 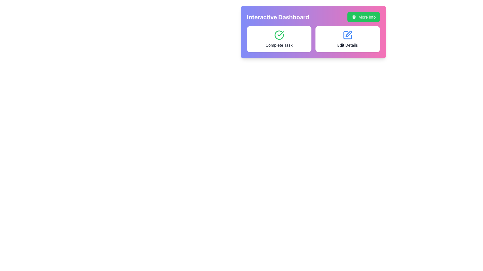 I want to click on the 'Edit Details' button, which is a rectangular card with a blue pen icon and the label 'Edit Details' below it, located to the right of the 'Complete Task' card in the Interactive Dashboard section, so click(x=347, y=39).